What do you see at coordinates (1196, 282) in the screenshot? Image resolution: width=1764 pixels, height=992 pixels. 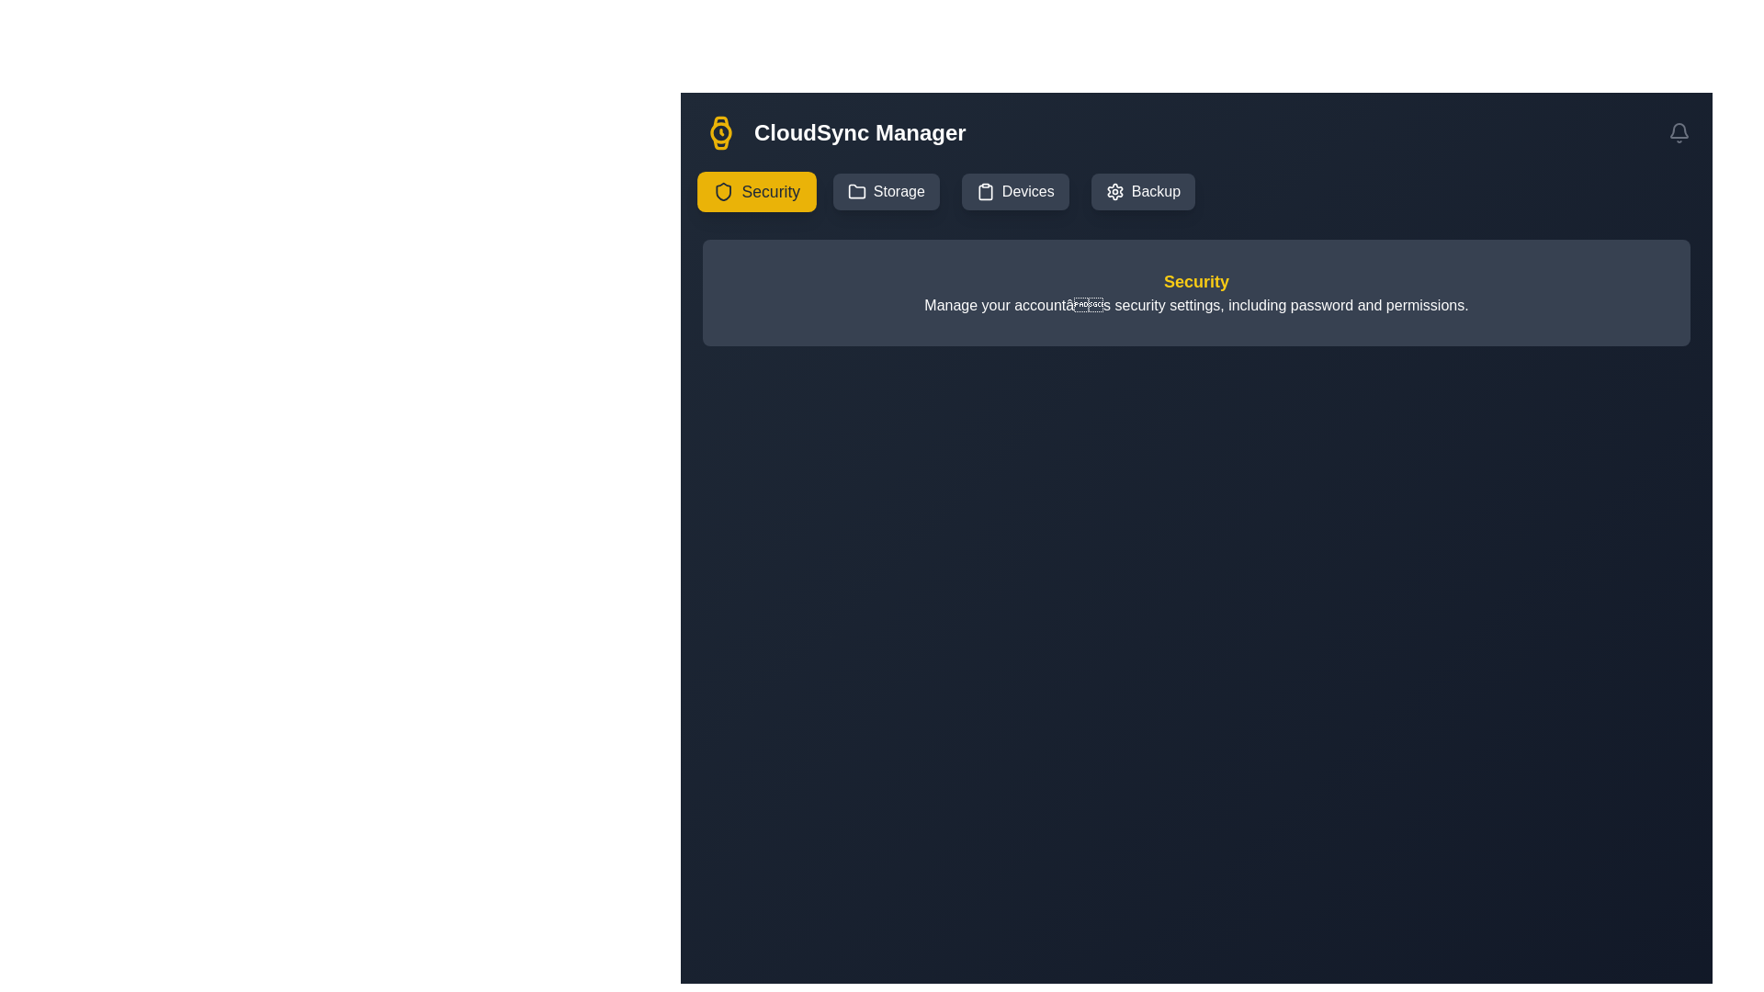 I see `the Text Label that indicates the section for security settings, located near the top of the main content area` at bounding box center [1196, 282].